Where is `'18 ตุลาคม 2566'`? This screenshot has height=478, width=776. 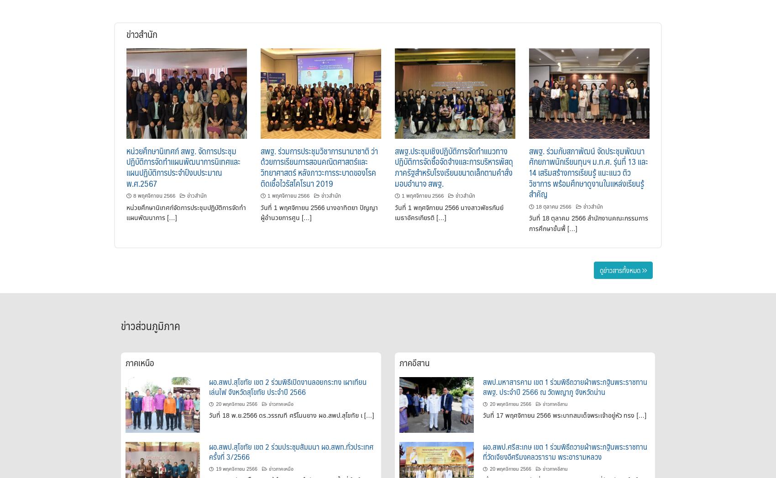 '18 ตุลาคม 2566' is located at coordinates (553, 206).